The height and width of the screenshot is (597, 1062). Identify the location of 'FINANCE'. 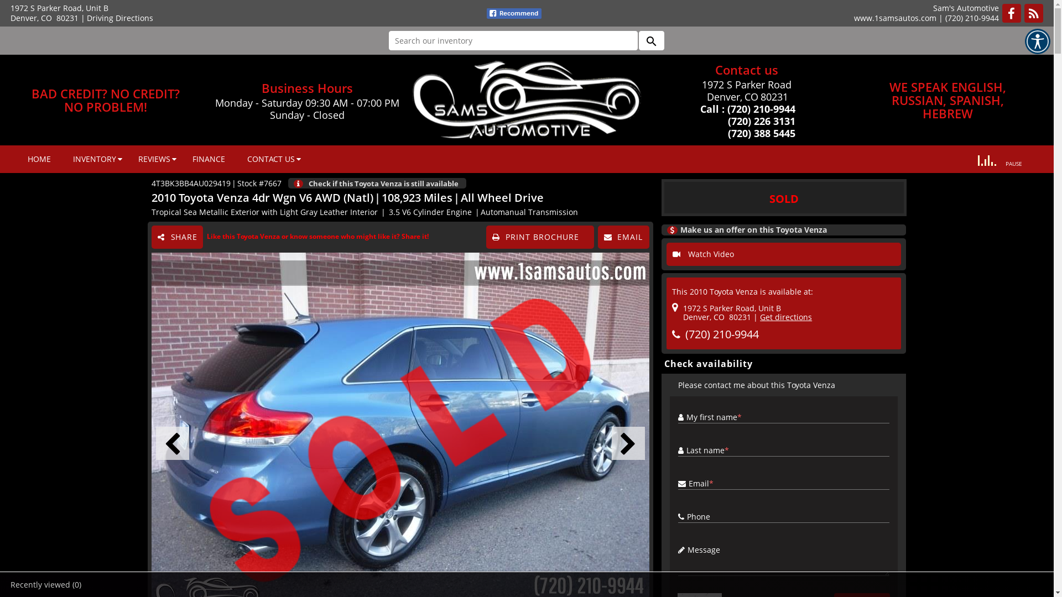
(209, 159).